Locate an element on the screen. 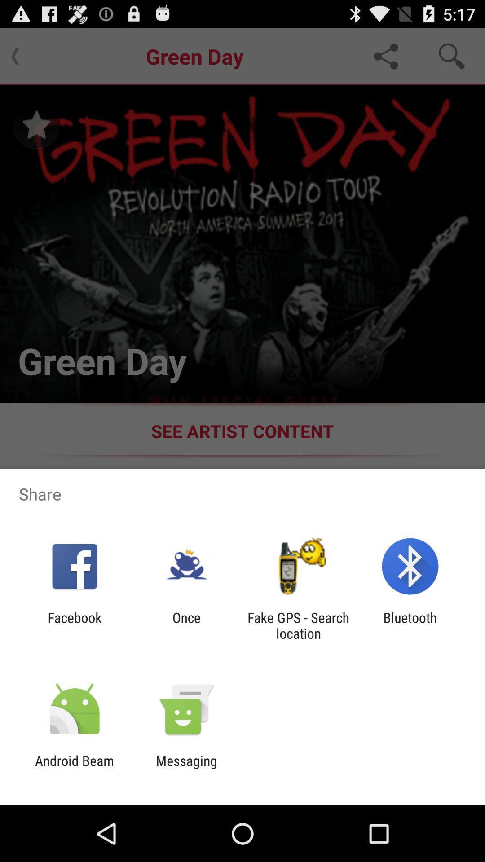 The image size is (485, 862). item next to android beam app is located at coordinates (186, 768).